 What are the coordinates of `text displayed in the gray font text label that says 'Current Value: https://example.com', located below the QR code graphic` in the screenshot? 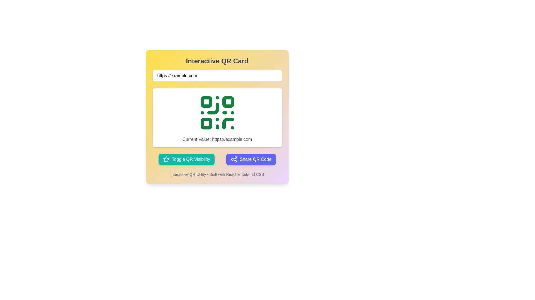 It's located at (217, 139).